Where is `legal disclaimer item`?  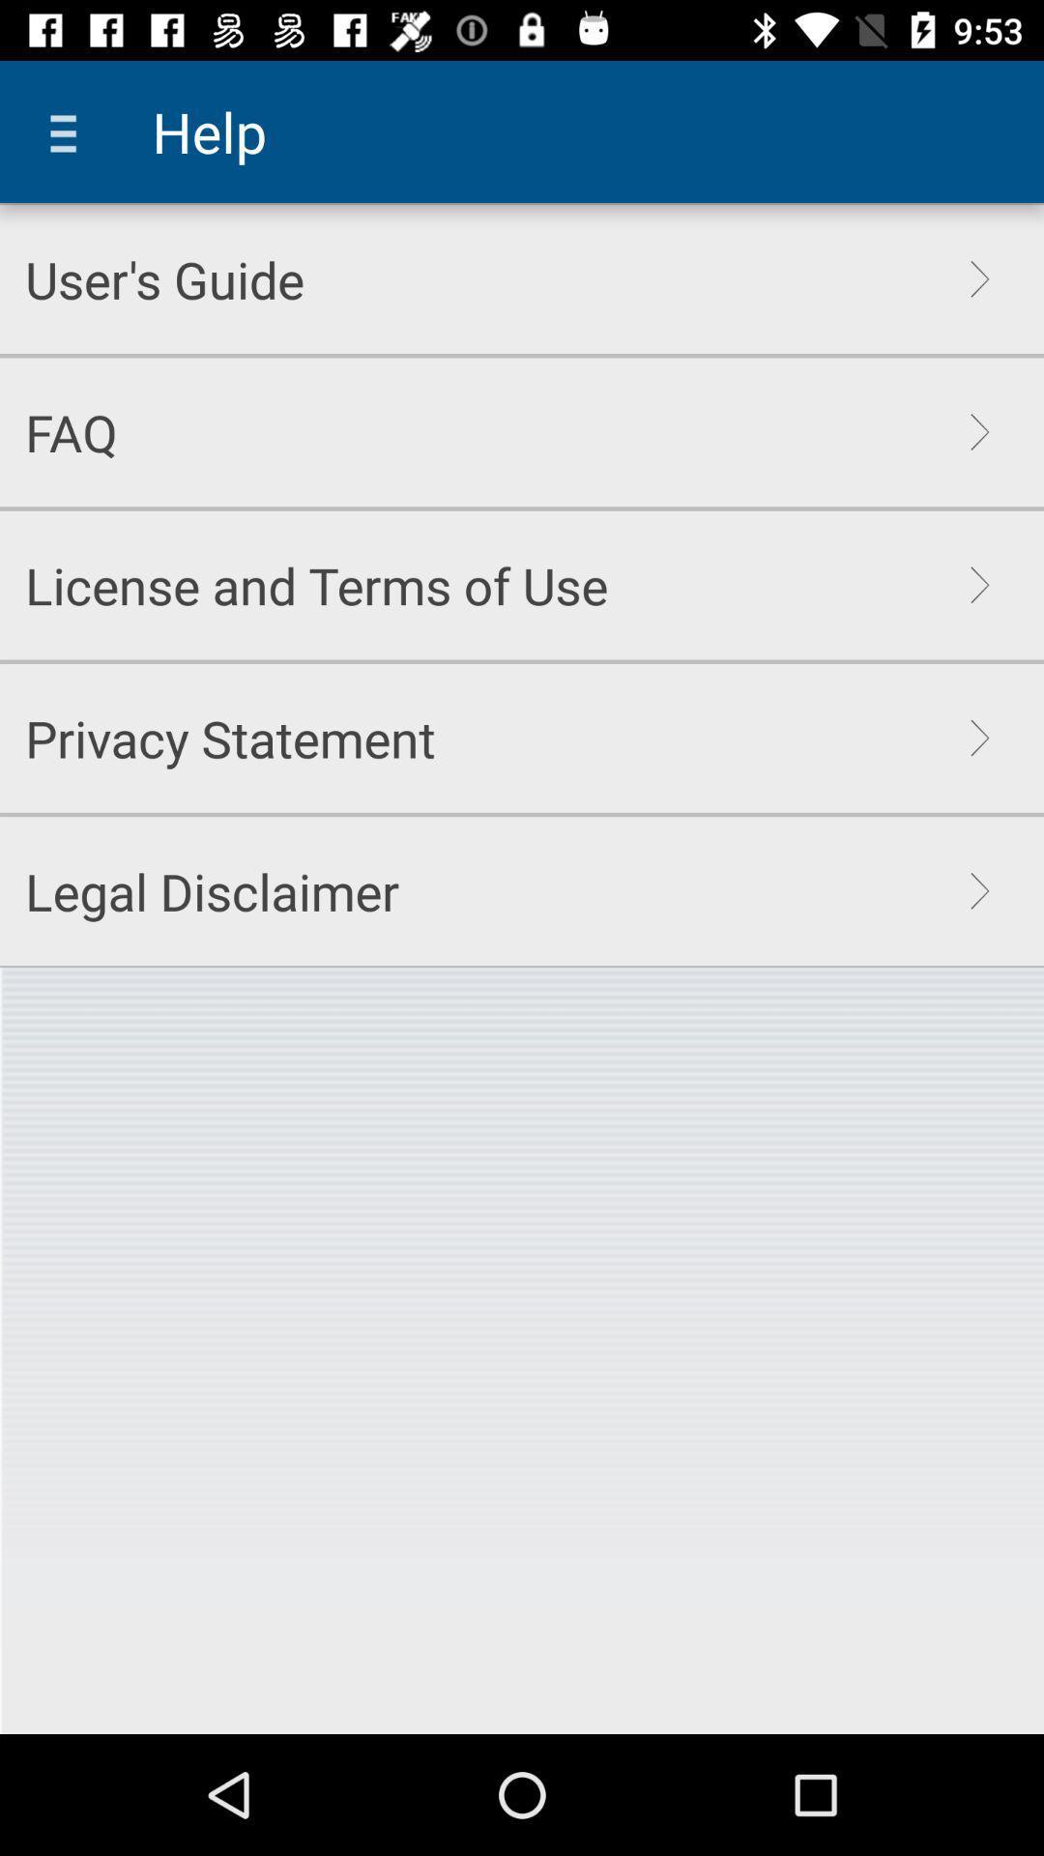 legal disclaimer item is located at coordinates (212, 890).